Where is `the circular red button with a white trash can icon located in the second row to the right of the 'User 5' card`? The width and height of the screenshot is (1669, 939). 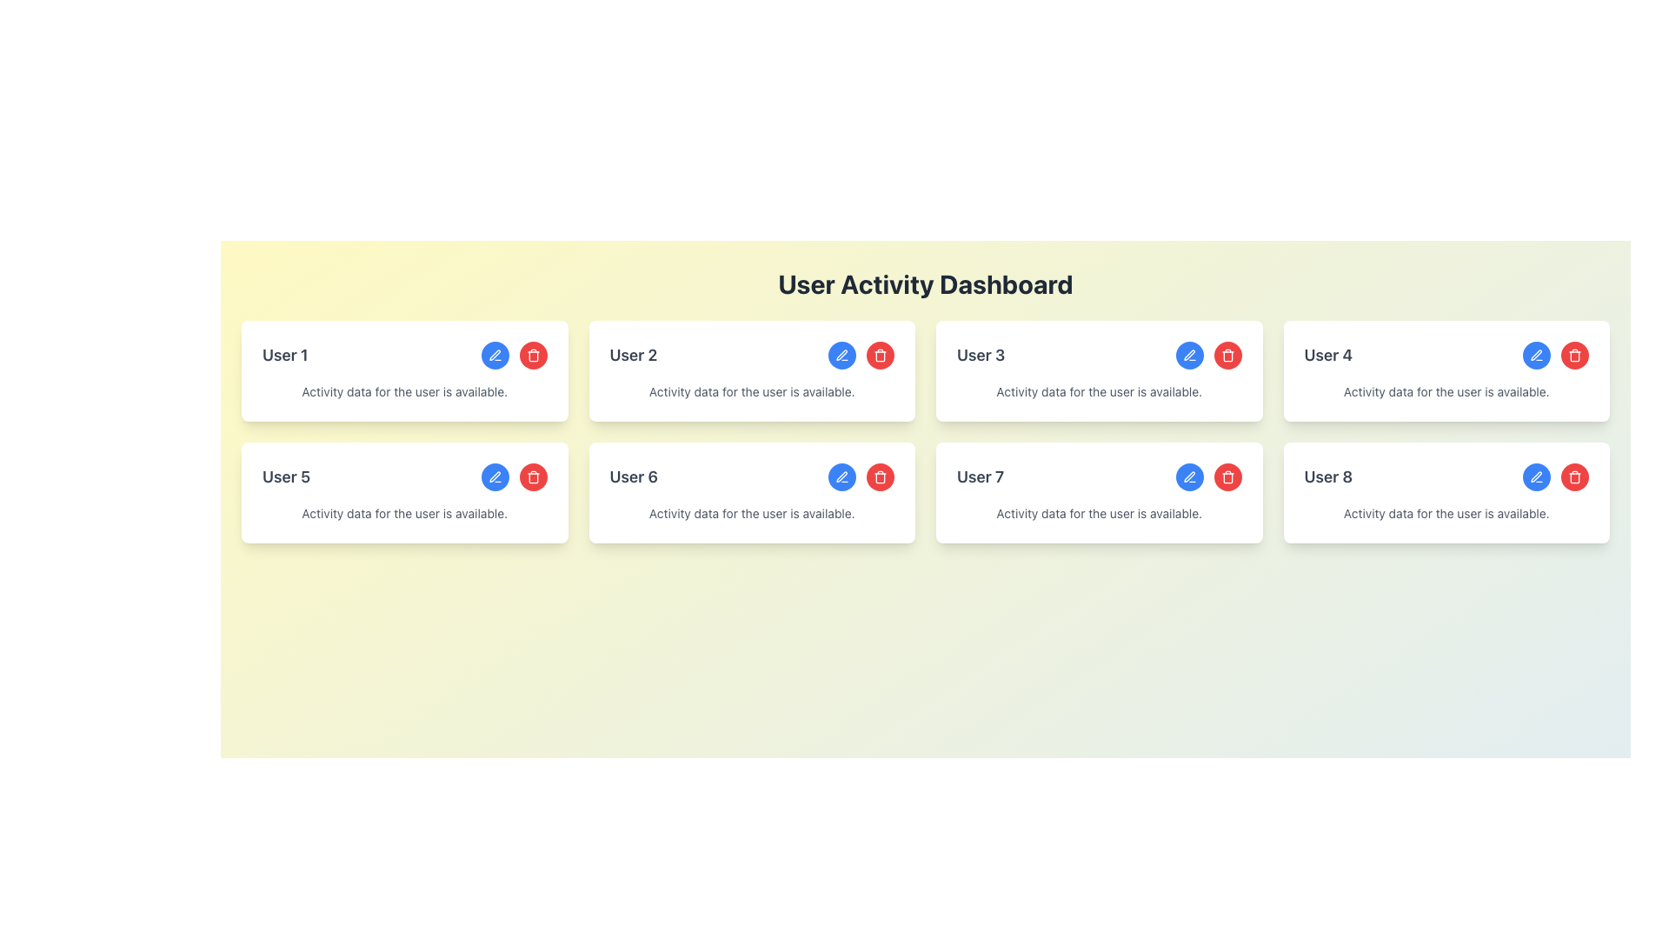
the circular red button with a white trash can icon located in the second row to the right of the 'User 5' card is located at coordinates (532, 476).